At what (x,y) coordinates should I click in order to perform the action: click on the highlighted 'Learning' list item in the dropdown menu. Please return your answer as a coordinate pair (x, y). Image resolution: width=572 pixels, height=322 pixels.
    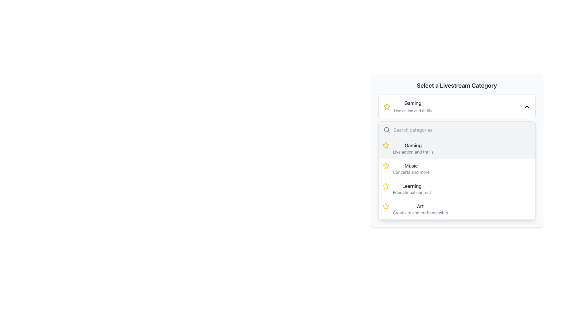
    Looking at the image, I should click on (456, 179).